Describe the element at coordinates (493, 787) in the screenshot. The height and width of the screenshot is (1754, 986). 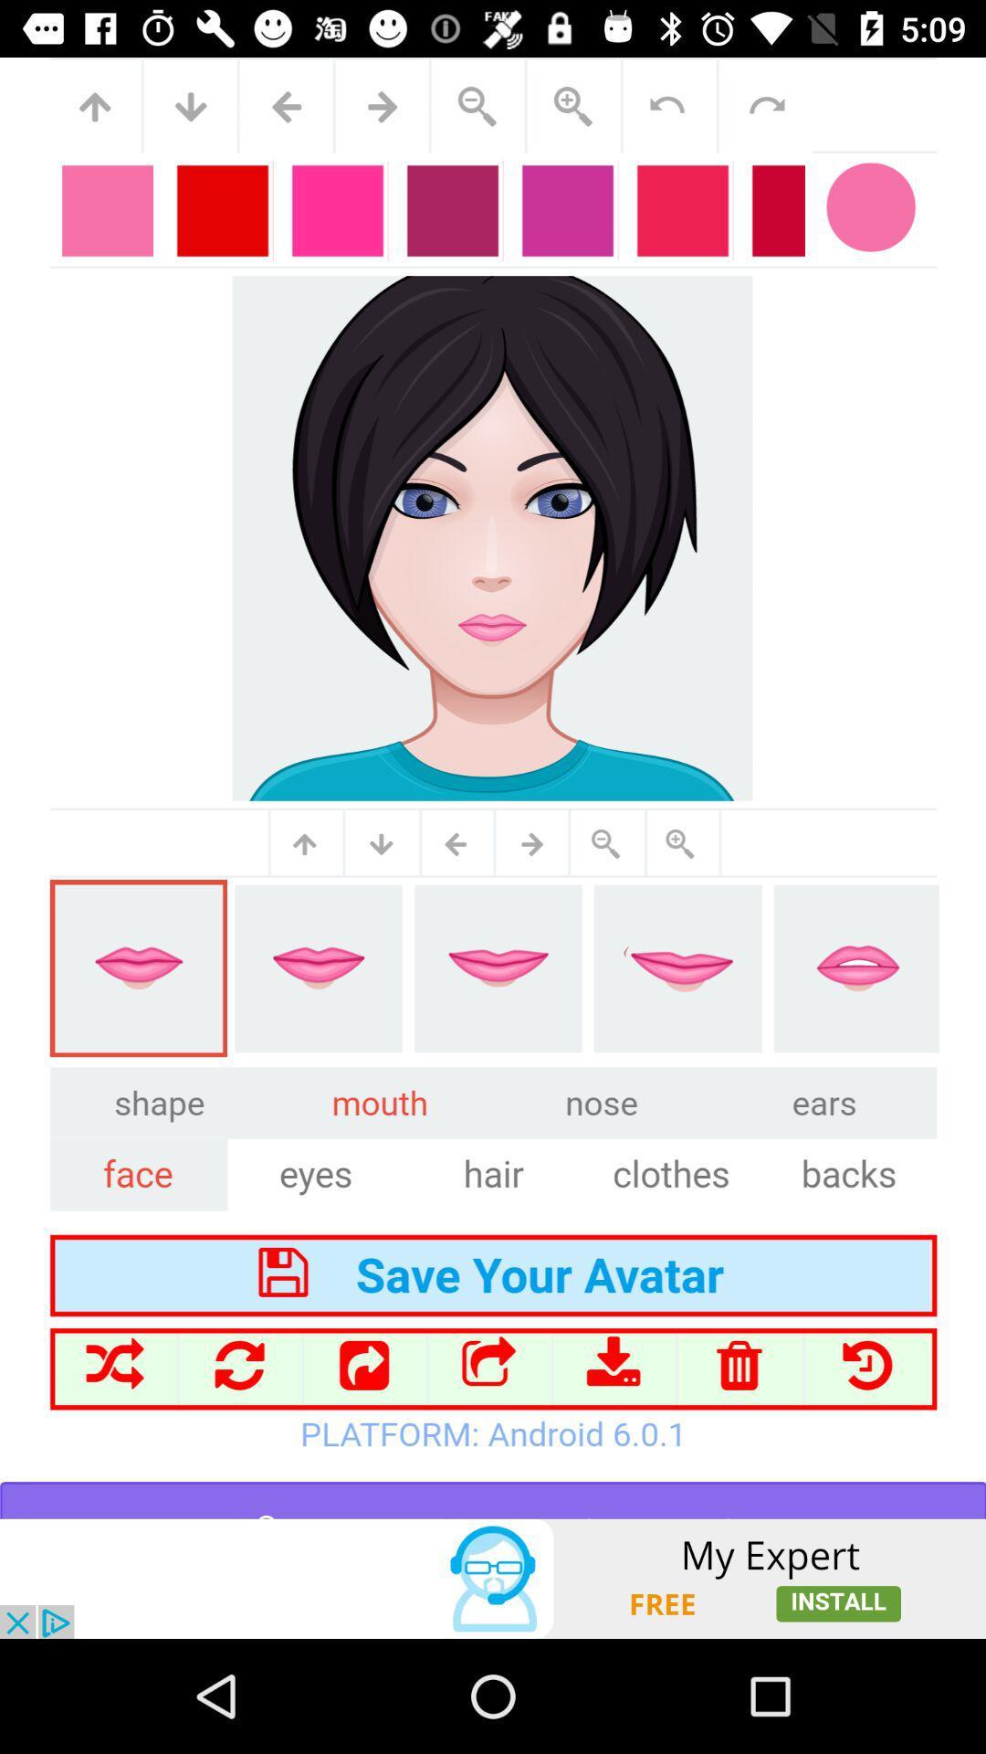
I see `mouth shape` at that location.